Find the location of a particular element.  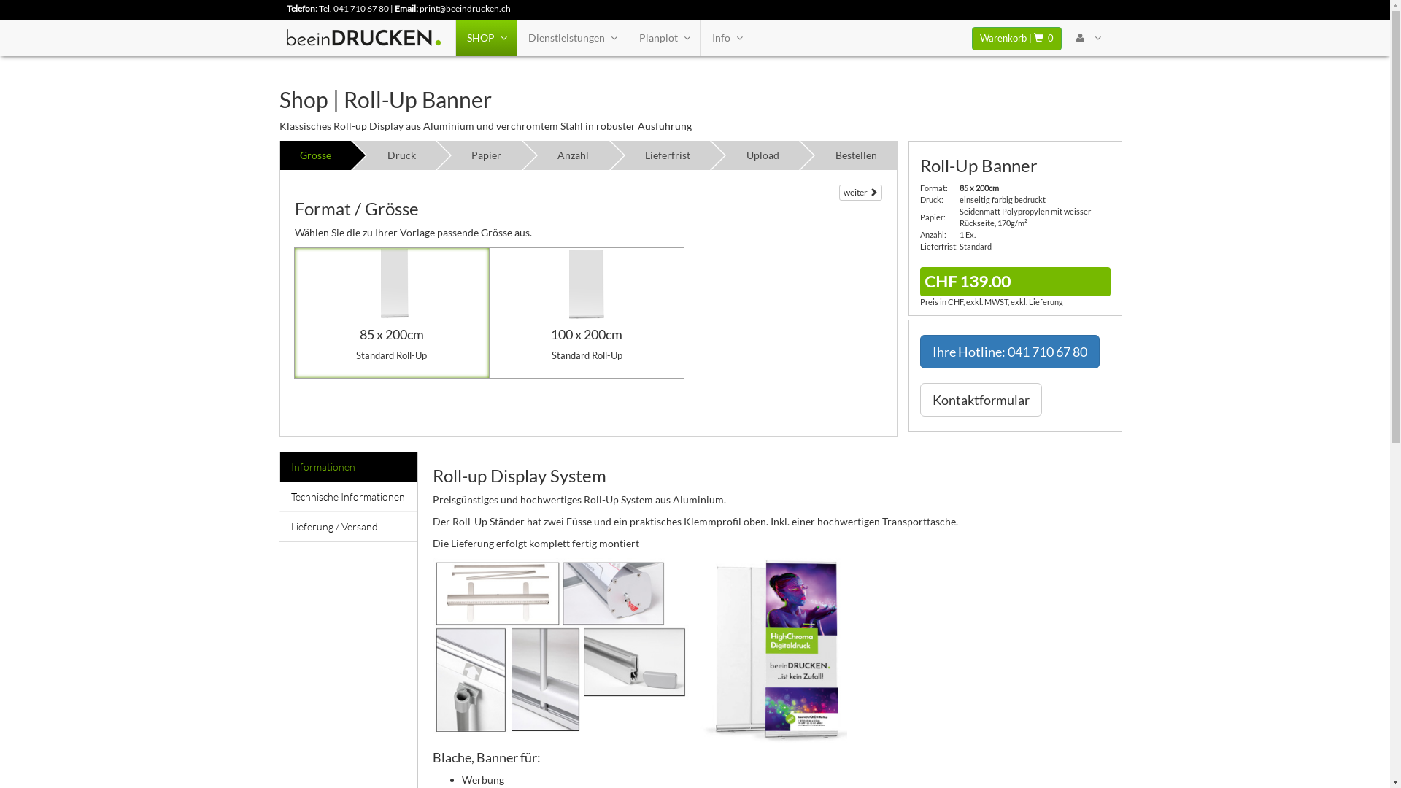

'Dienstleistungen' is located at coordinates (571, 36).